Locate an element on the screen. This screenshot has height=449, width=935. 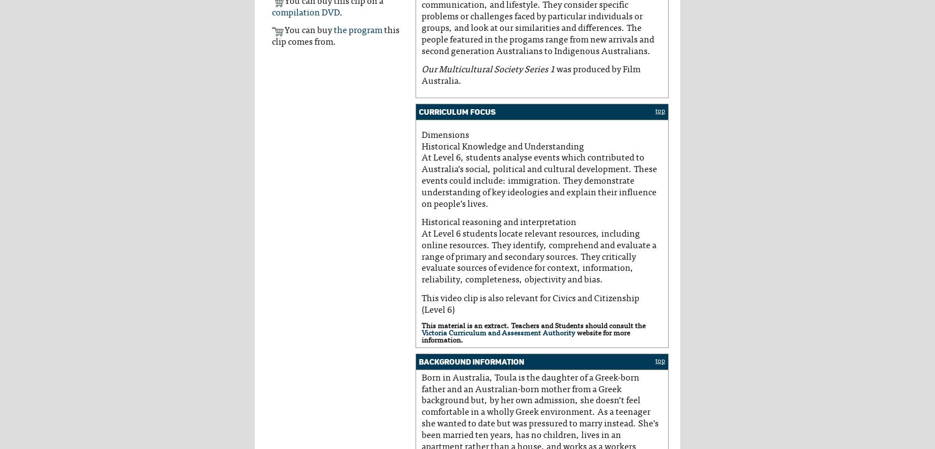
'.' is located at coordinates (340, 12).